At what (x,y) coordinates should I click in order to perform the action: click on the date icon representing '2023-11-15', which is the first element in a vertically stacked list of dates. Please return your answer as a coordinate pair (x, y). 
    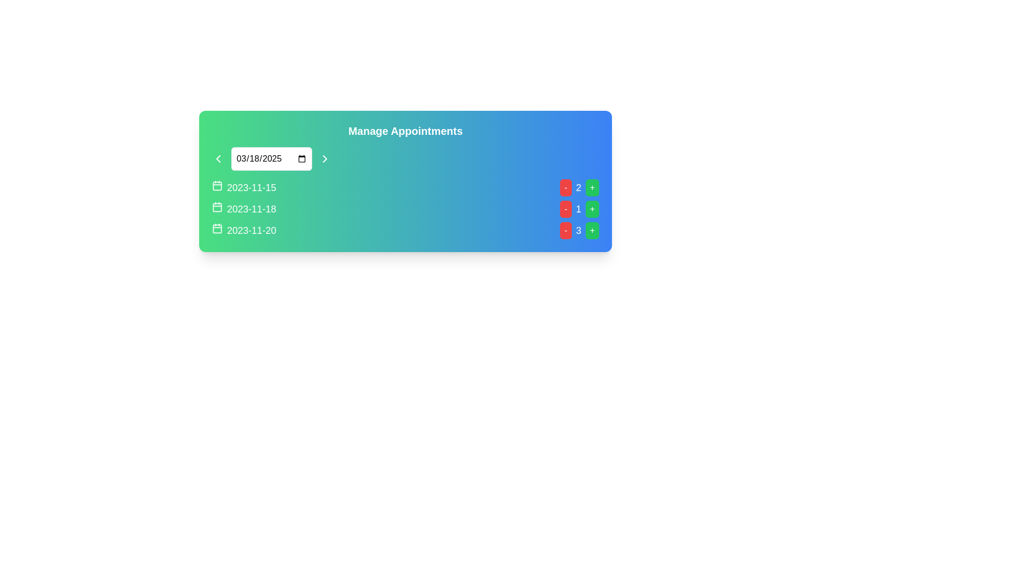
    Looking at the image, I should click on (217, 185).